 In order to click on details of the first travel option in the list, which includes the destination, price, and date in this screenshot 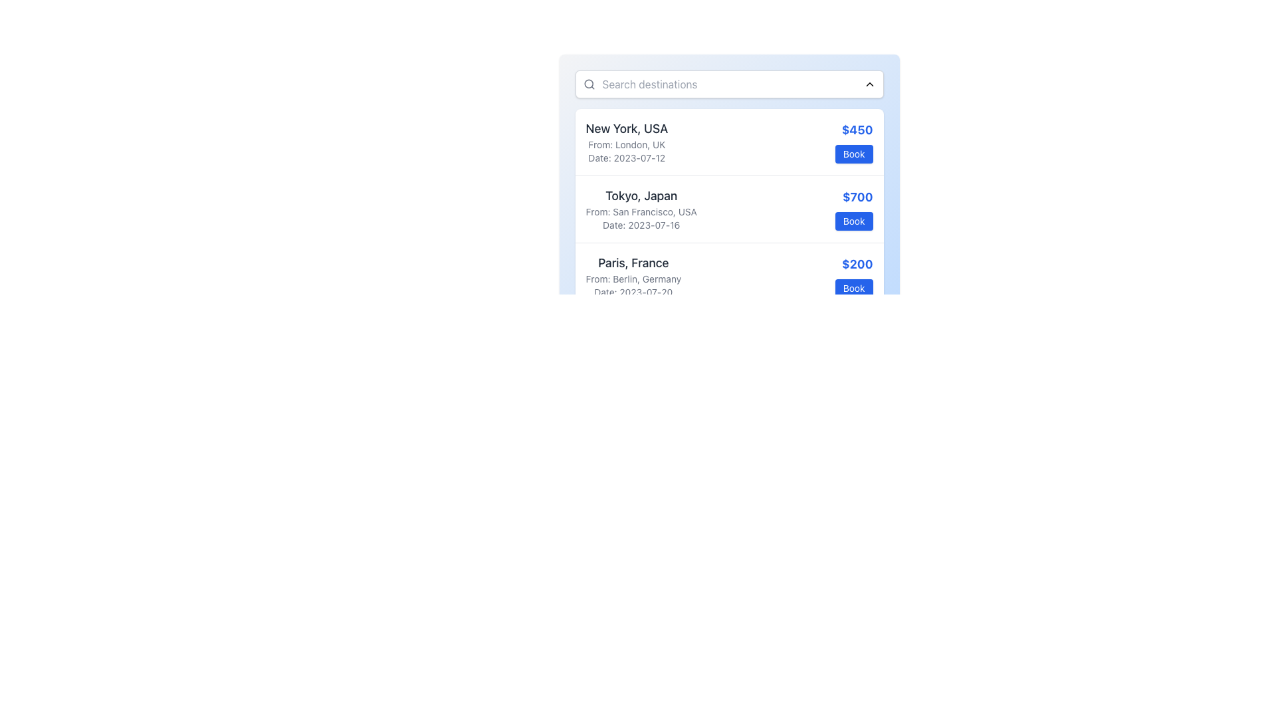, I will do `click(728, 142)`.